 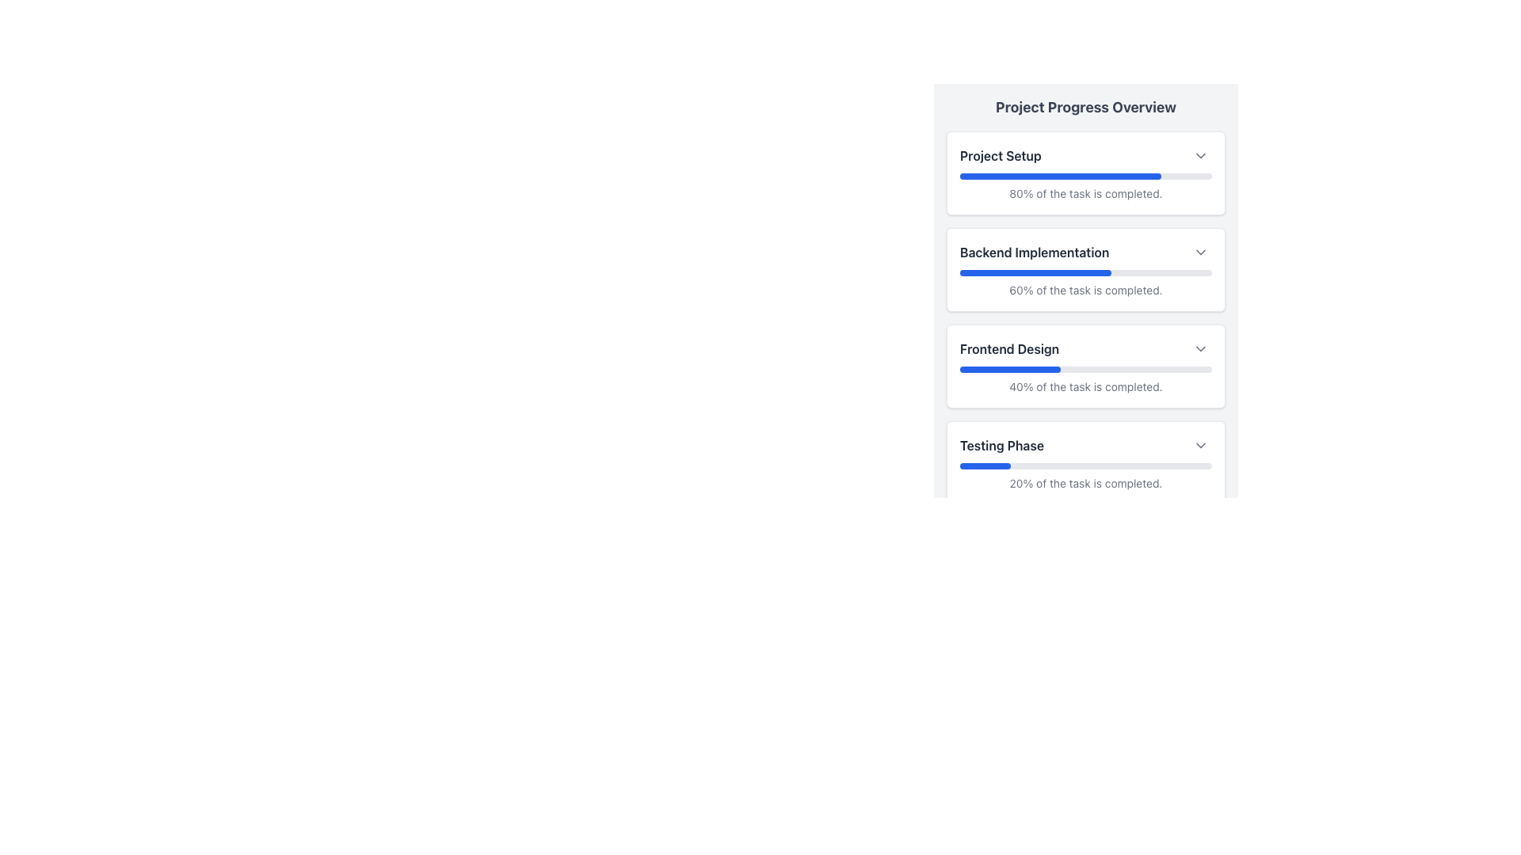 I want to click on the text label indicating 'Backend Implementation' in the project progress overview, which is positioned between 'Project Setup' and 'Frontend Design', so click(x=1035, y=252).